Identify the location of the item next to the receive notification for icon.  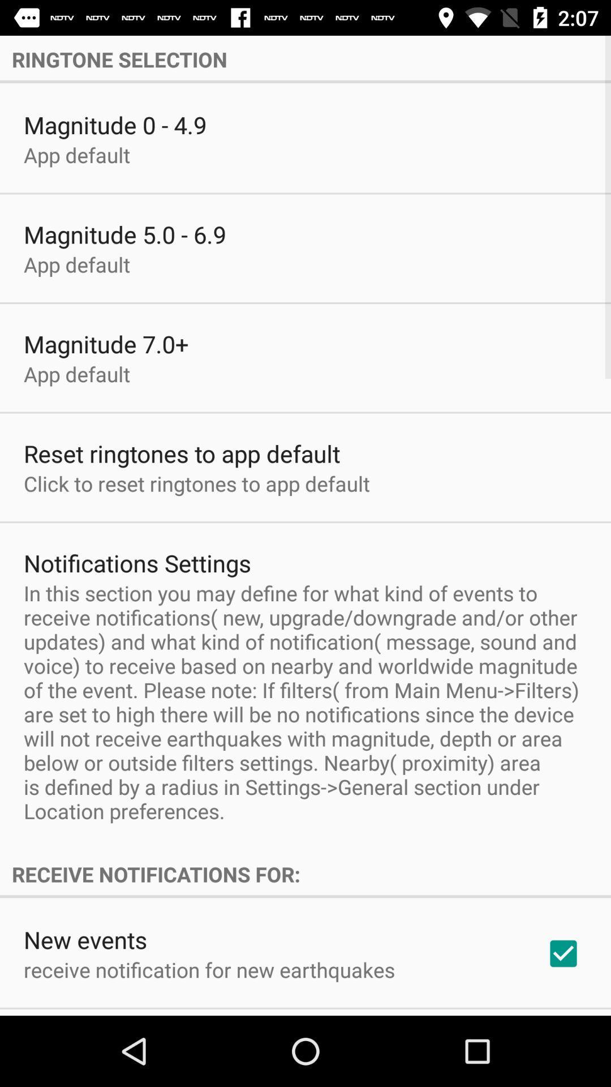
(563, 953).